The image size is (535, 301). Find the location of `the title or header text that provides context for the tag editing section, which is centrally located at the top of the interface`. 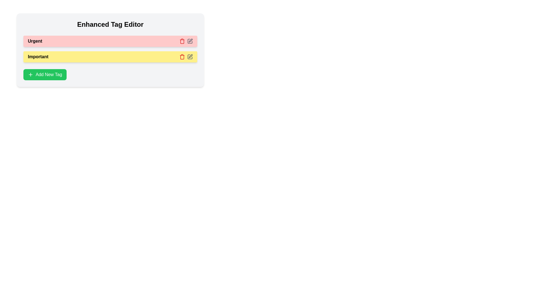

the title or header text that provides context for the tag editing section, which is centrally located at the top of the interface is located at coordinates (110, 24).